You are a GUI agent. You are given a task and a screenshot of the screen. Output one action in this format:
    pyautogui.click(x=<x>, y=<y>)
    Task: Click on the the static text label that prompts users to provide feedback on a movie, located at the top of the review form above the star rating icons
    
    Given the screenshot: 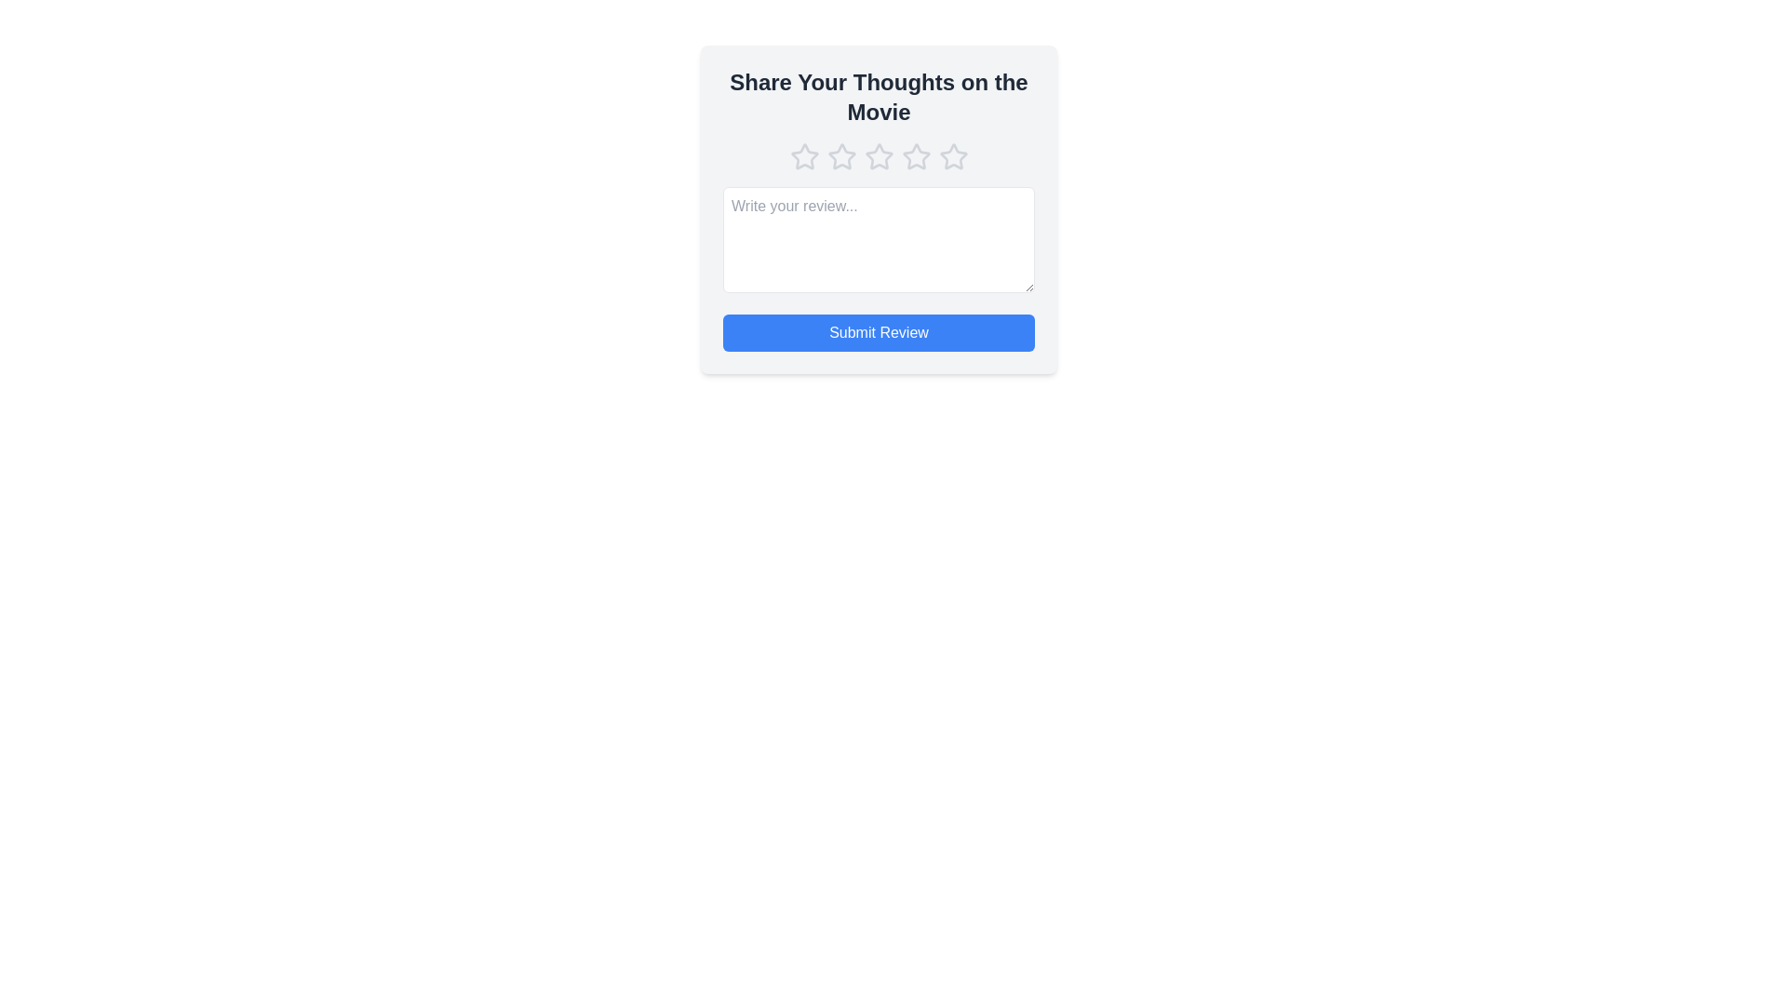 What is the action you would take?
    pyautogui.click(x=878, y=97)
    